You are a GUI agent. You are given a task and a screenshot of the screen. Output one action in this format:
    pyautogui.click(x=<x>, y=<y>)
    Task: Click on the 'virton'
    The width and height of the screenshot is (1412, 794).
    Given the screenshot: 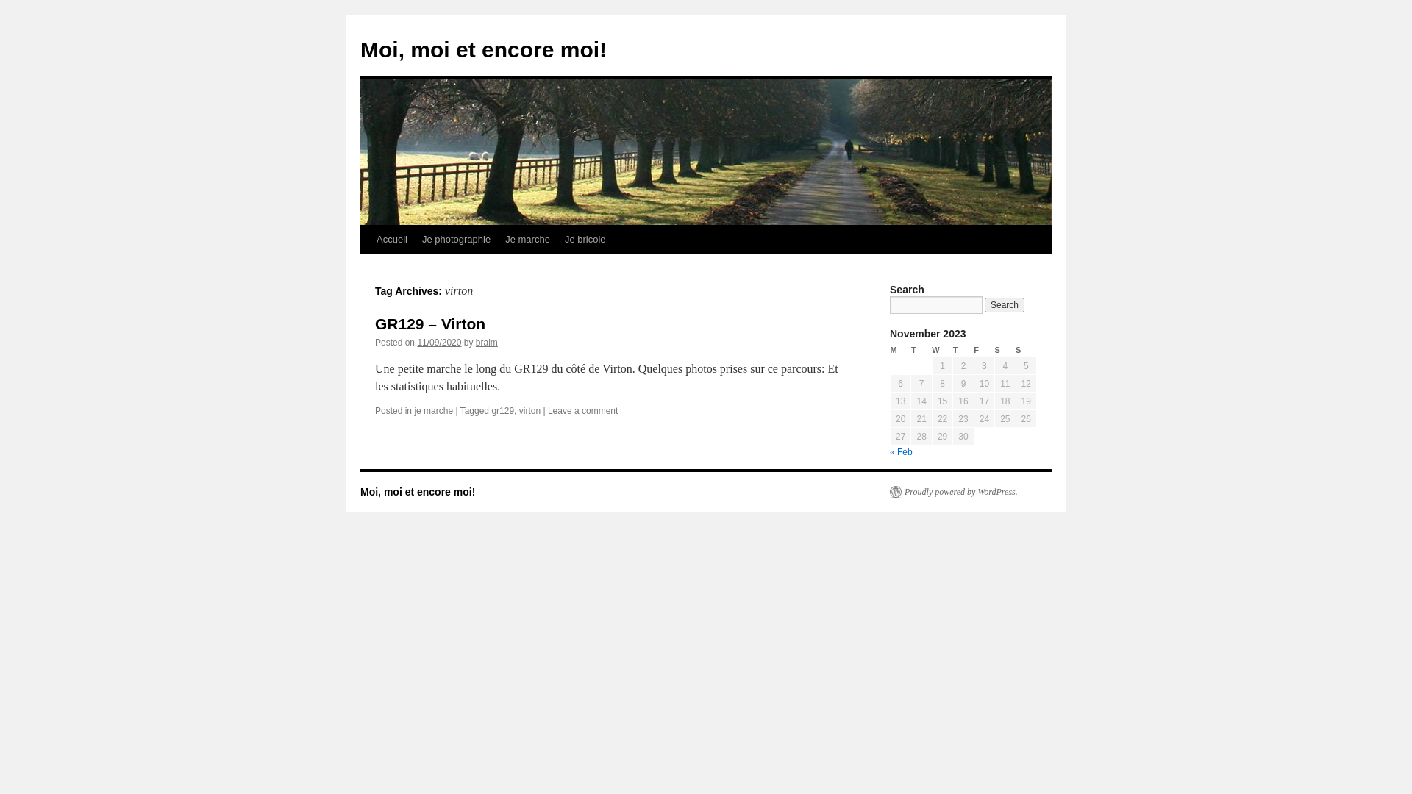 What is the action you would take?
    pyautogui.click(x=529, y=411)
    